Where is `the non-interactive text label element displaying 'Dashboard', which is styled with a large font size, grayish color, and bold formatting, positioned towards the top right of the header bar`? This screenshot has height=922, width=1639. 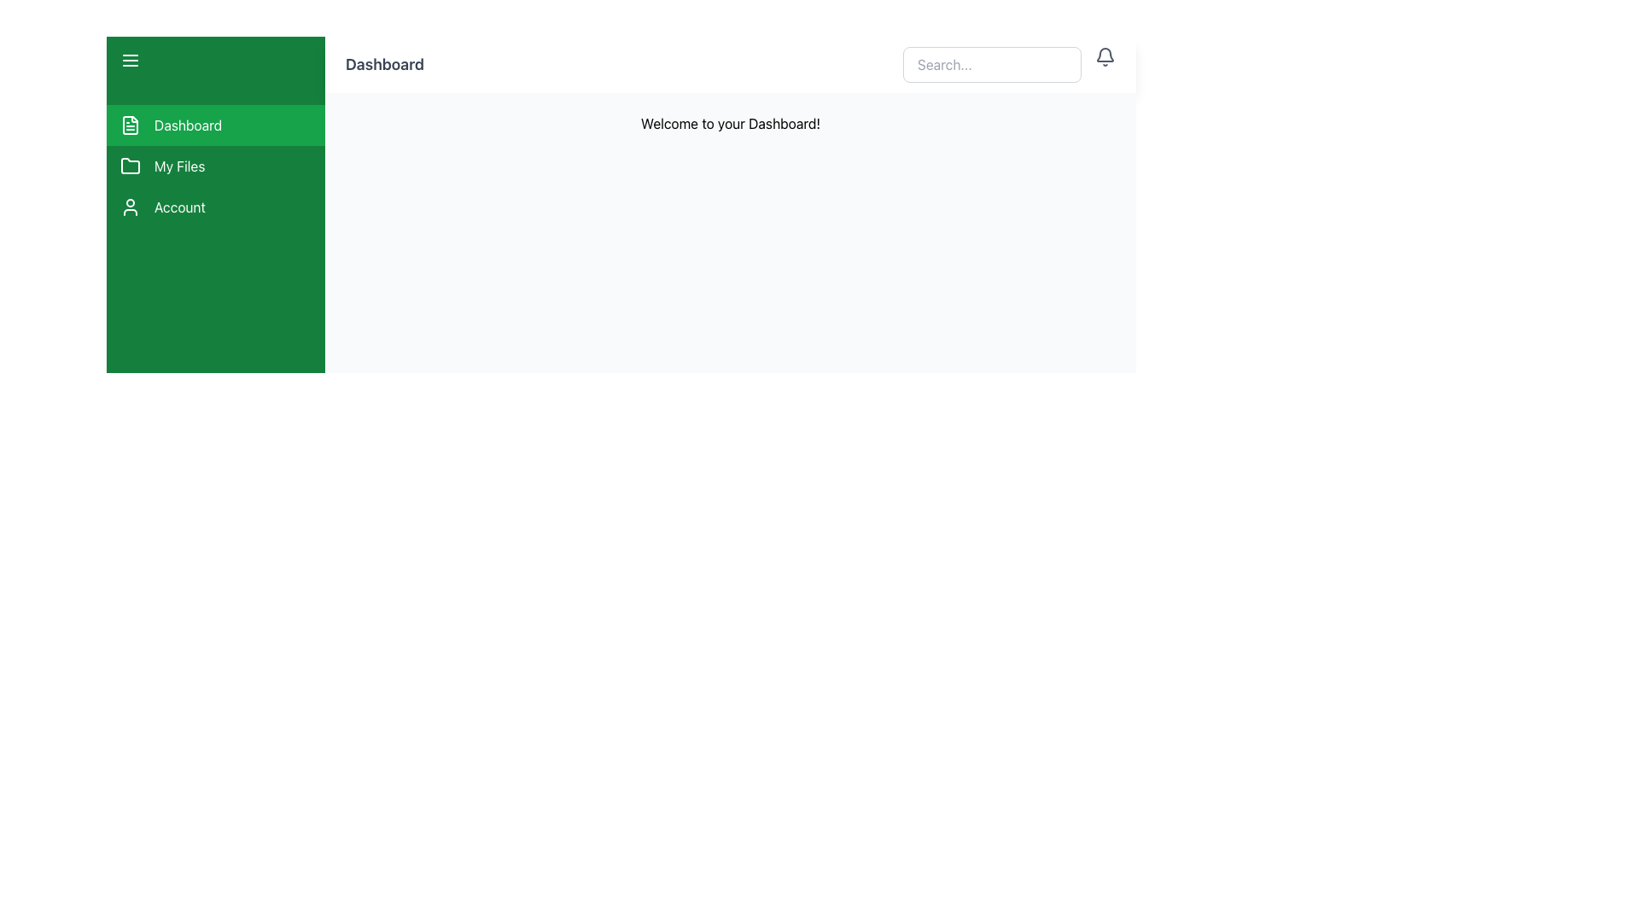 the non-interactive text label element displaying 'Dashboard', which is styled with a large font size, grayish color, and bold formatting, positioned towards the top right of the header bar is located at coordinates (384, 64).